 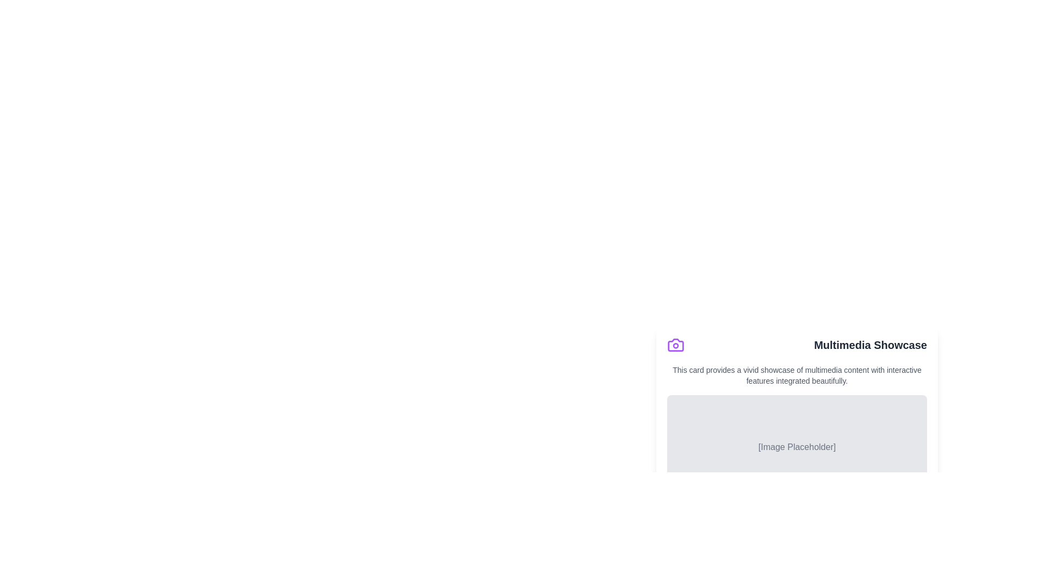 What do you see at coordinates (871, 345) in the screenshot?
I see `text content of the text label that serves as the title for the multimedia section, positioned to the right of a purple camera icon in a card layout` at bounding box center [871, 345].